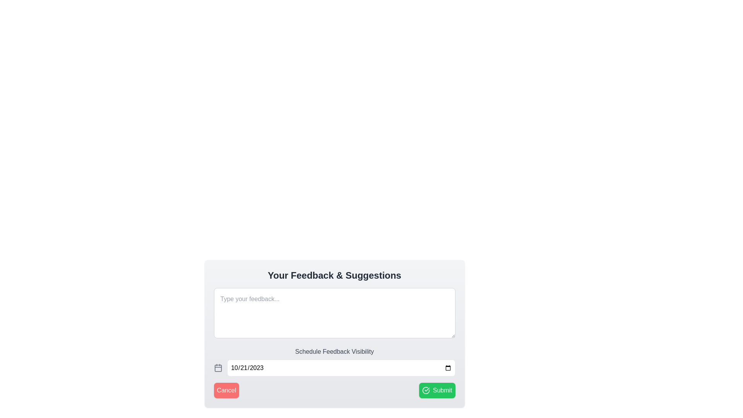 The width and height of the screenshot is (743, 418). I want to click on the confirmation icon located at the right-most position of the 'Submit' button, which symbolizes approval, so click(425, 391).